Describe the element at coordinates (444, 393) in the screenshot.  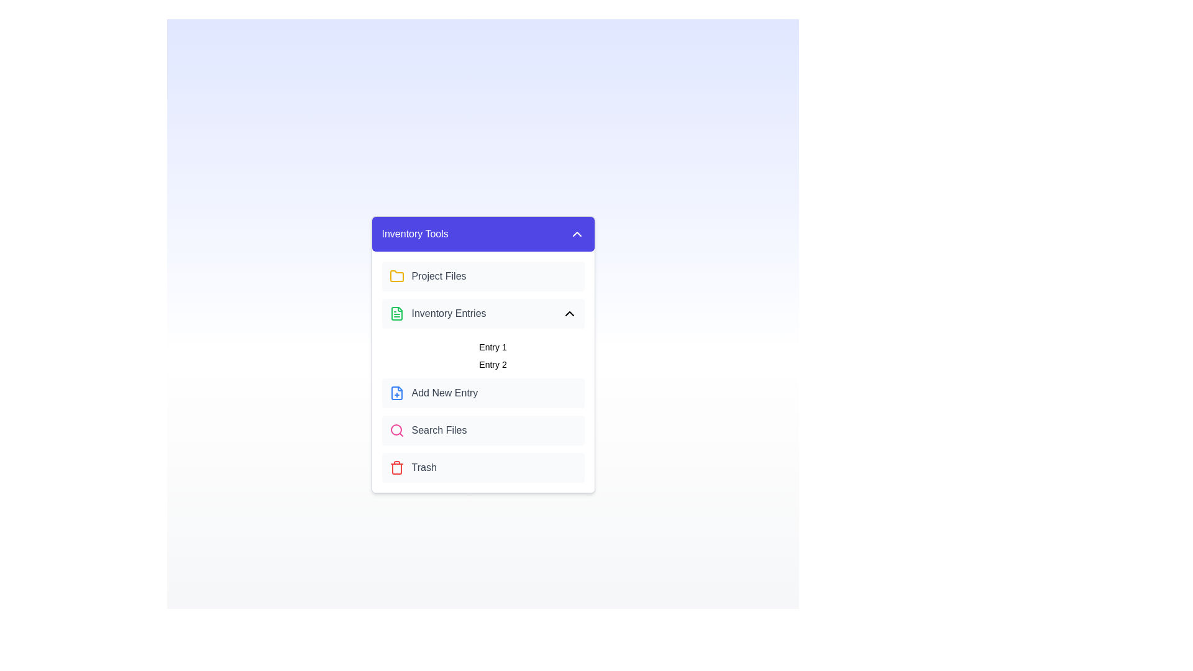
I see `the 'Add New Entry' text label, which is styled in gray and located under the 'Inventory Entries' section` at that location.